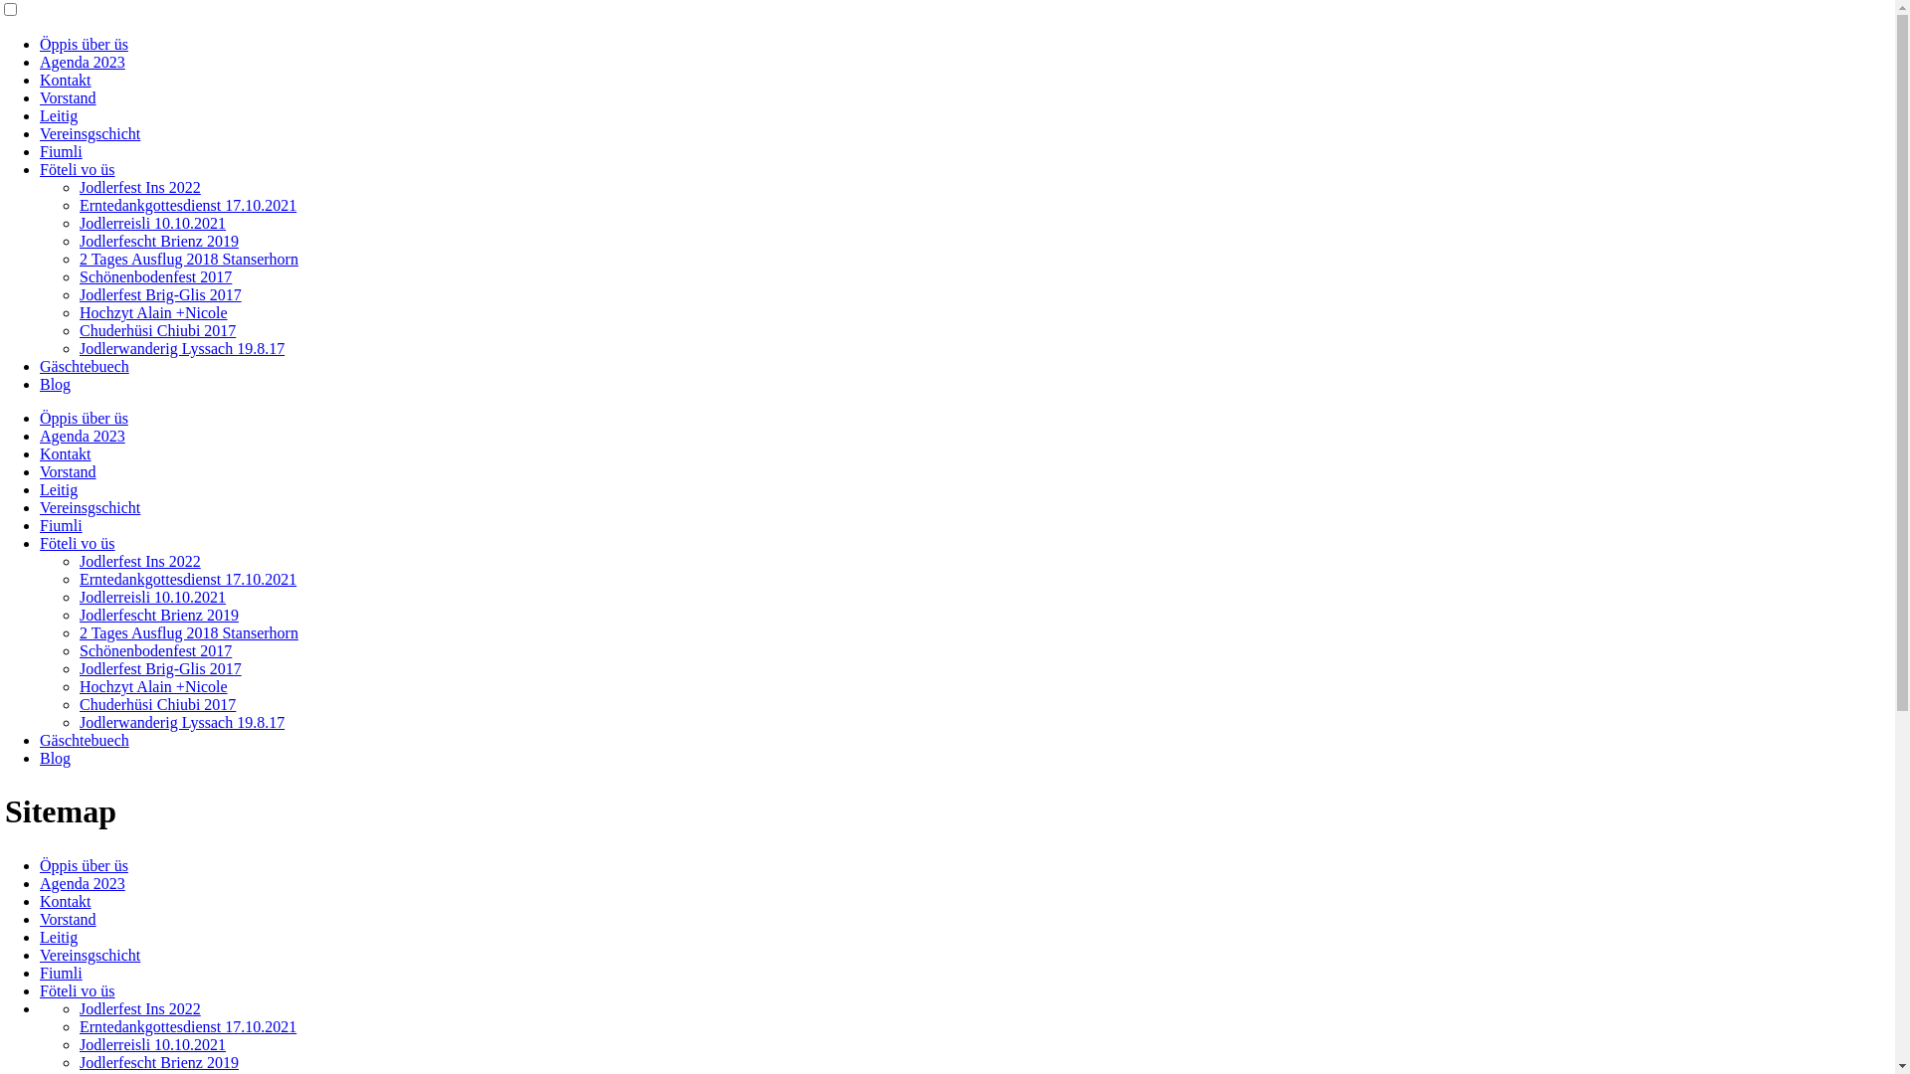  Describe the element at coordinates (55, 384) in the screenshot. I see `'Blog'` at that location.